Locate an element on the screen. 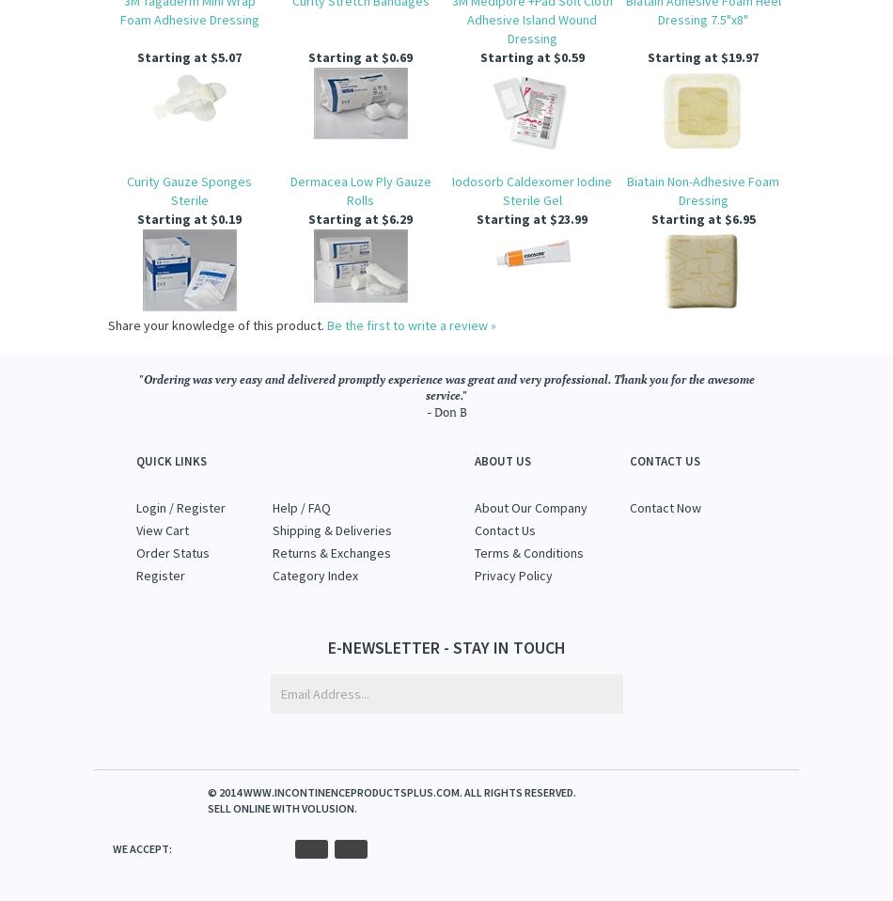 The image size is (893, 901). 'Be the first to write a review »' is located at coordinates (325, 324).